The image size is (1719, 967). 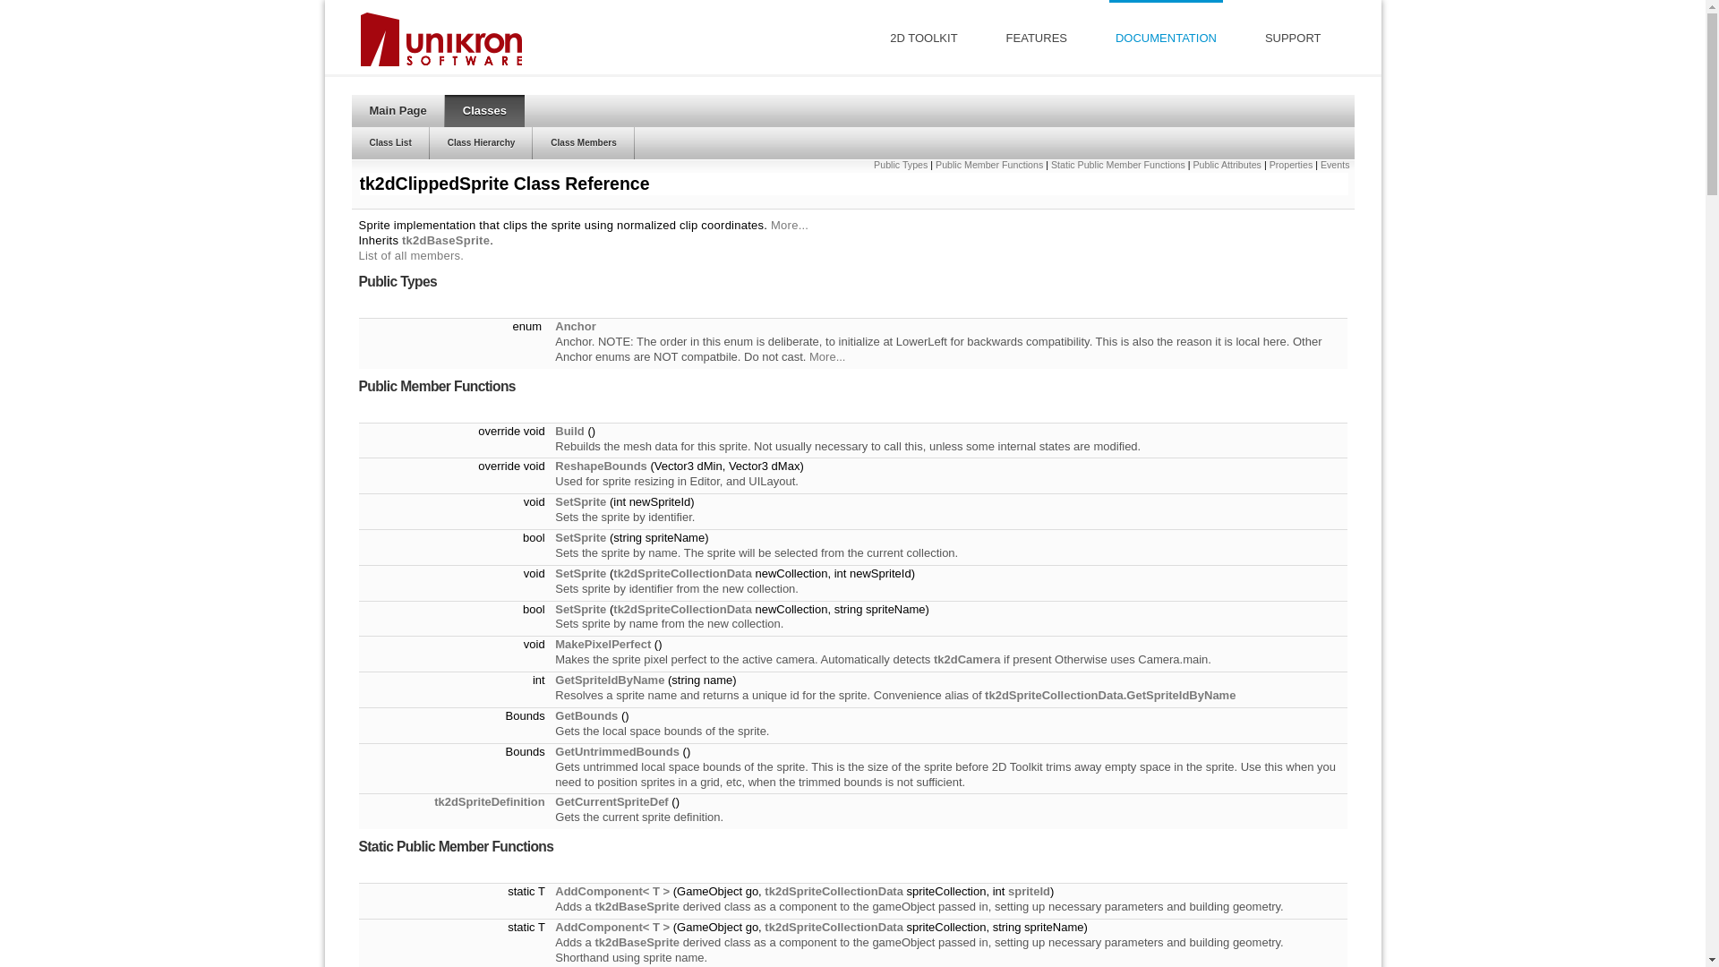 What do you see at coordinates (586, 715) in the screenshot?
I see `'GetBounds'` at bounding box center [586, 715].